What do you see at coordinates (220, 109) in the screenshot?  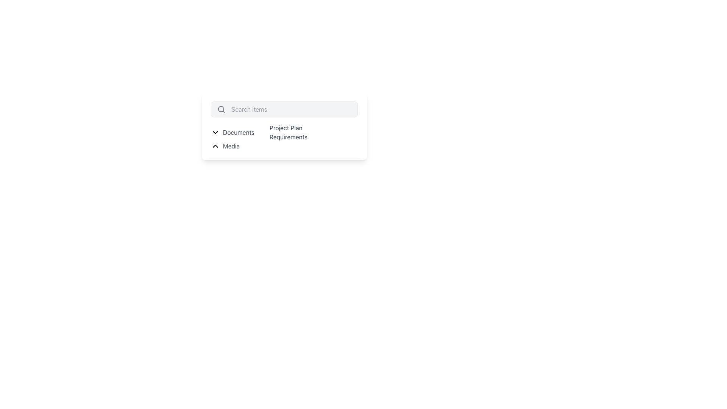 I see `the circular vector graphic within the SVG icon, which is part of the search icon in the top-left corner of the search bar` at bounding box center [220, 109].